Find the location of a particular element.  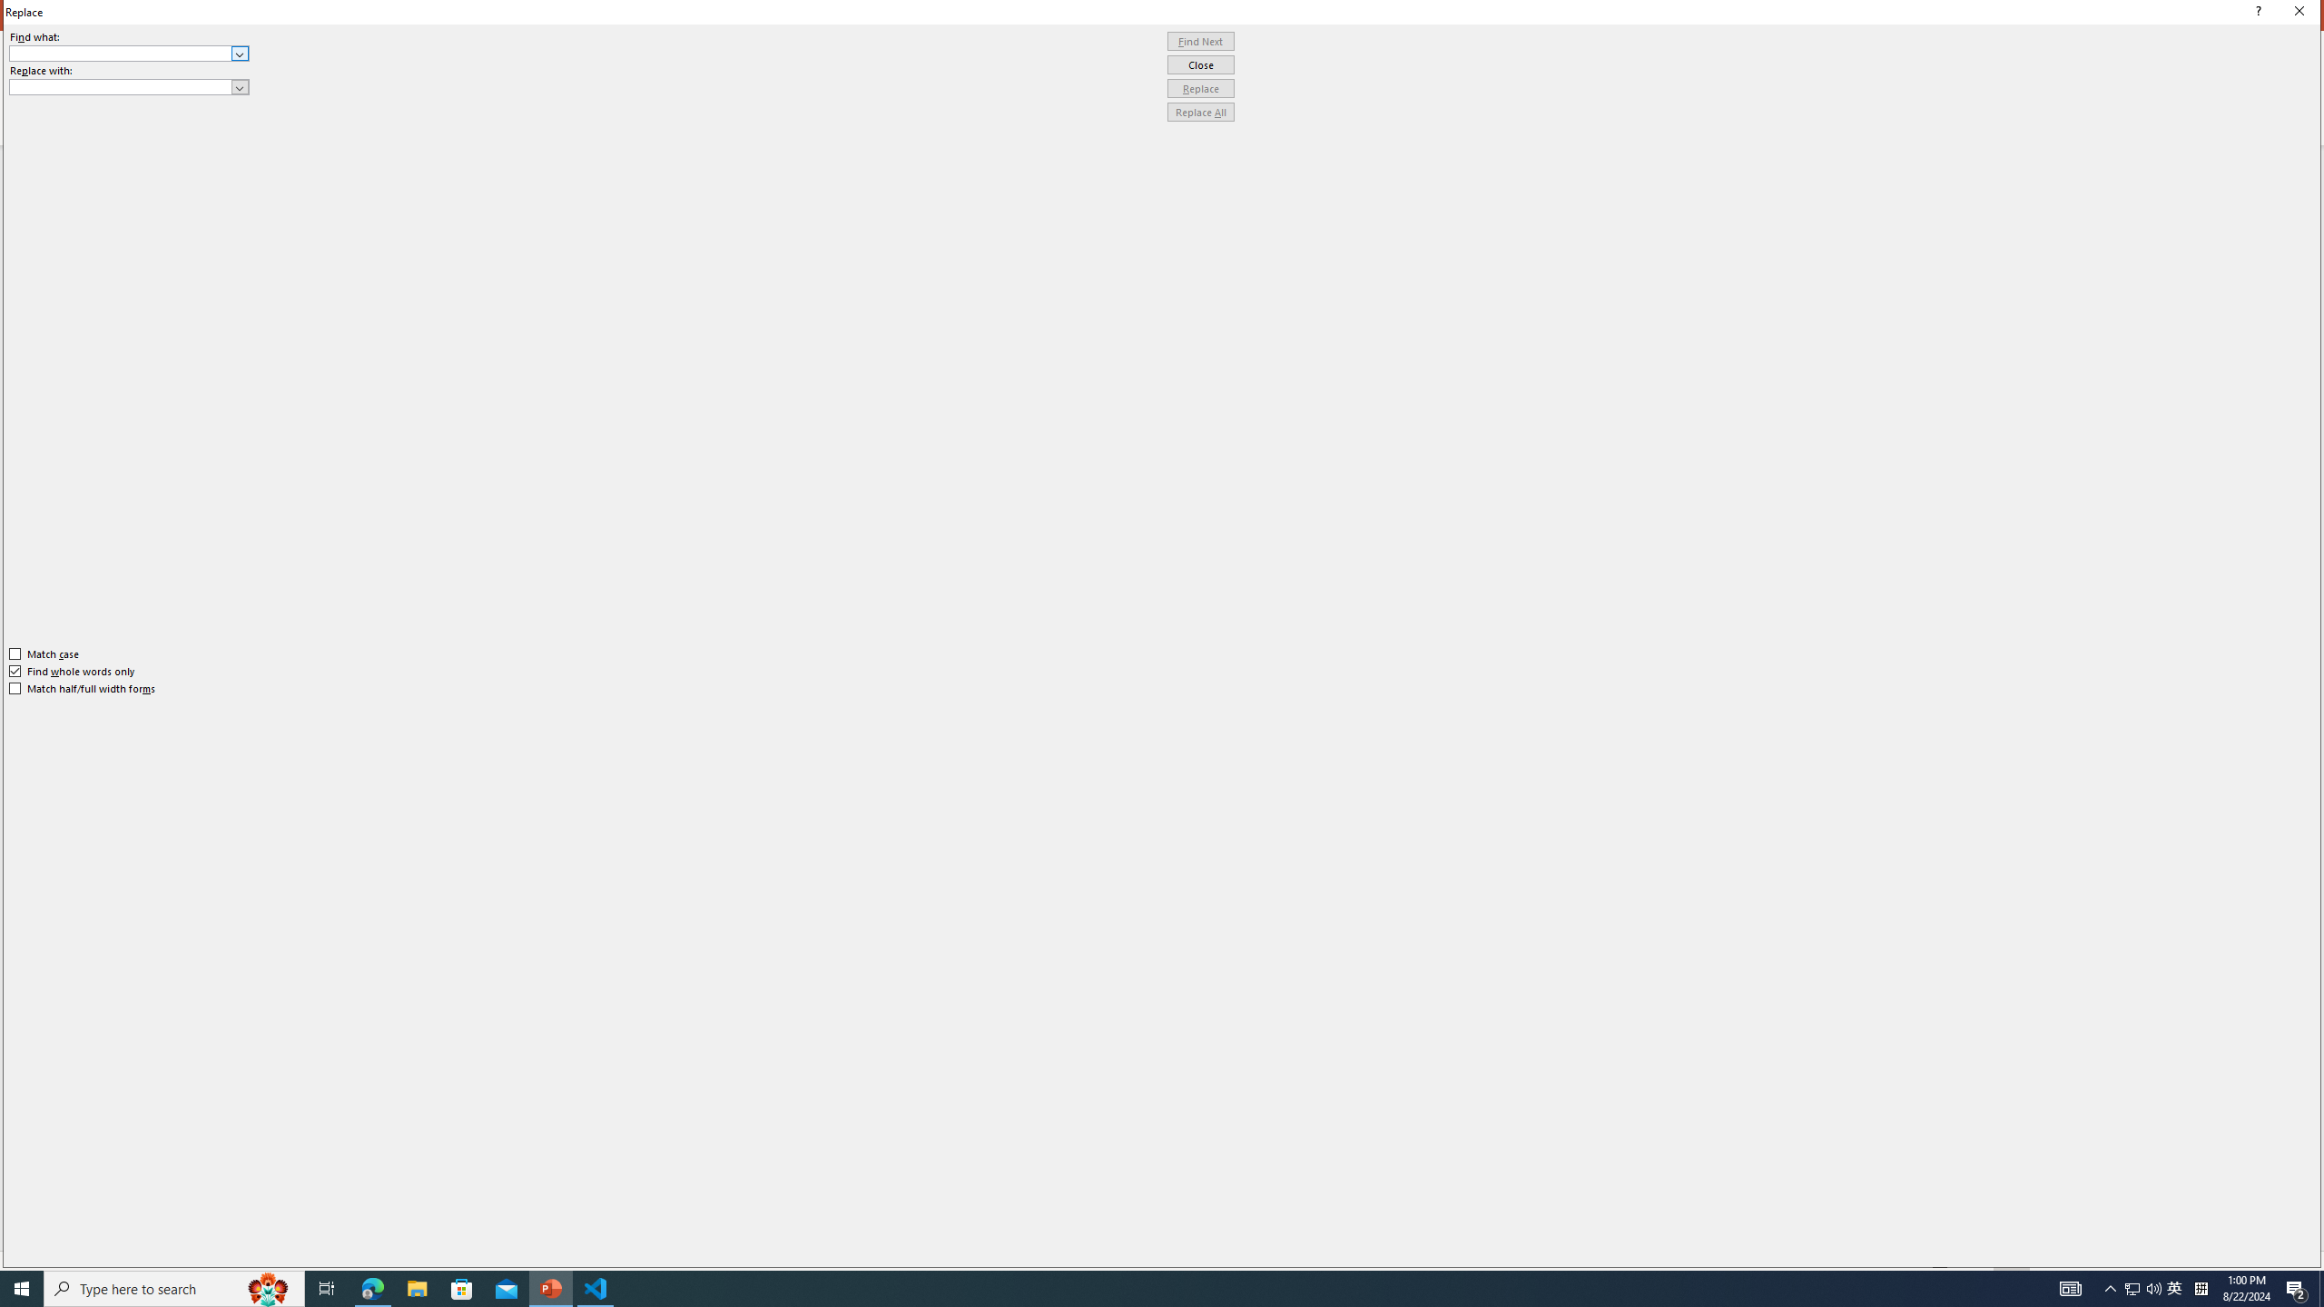

'Match half/full width forms' is located at coordinates (83, 688).